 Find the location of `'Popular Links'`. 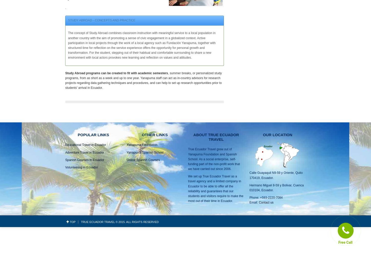

'Popular Links' is located at coordinates (93, 135).